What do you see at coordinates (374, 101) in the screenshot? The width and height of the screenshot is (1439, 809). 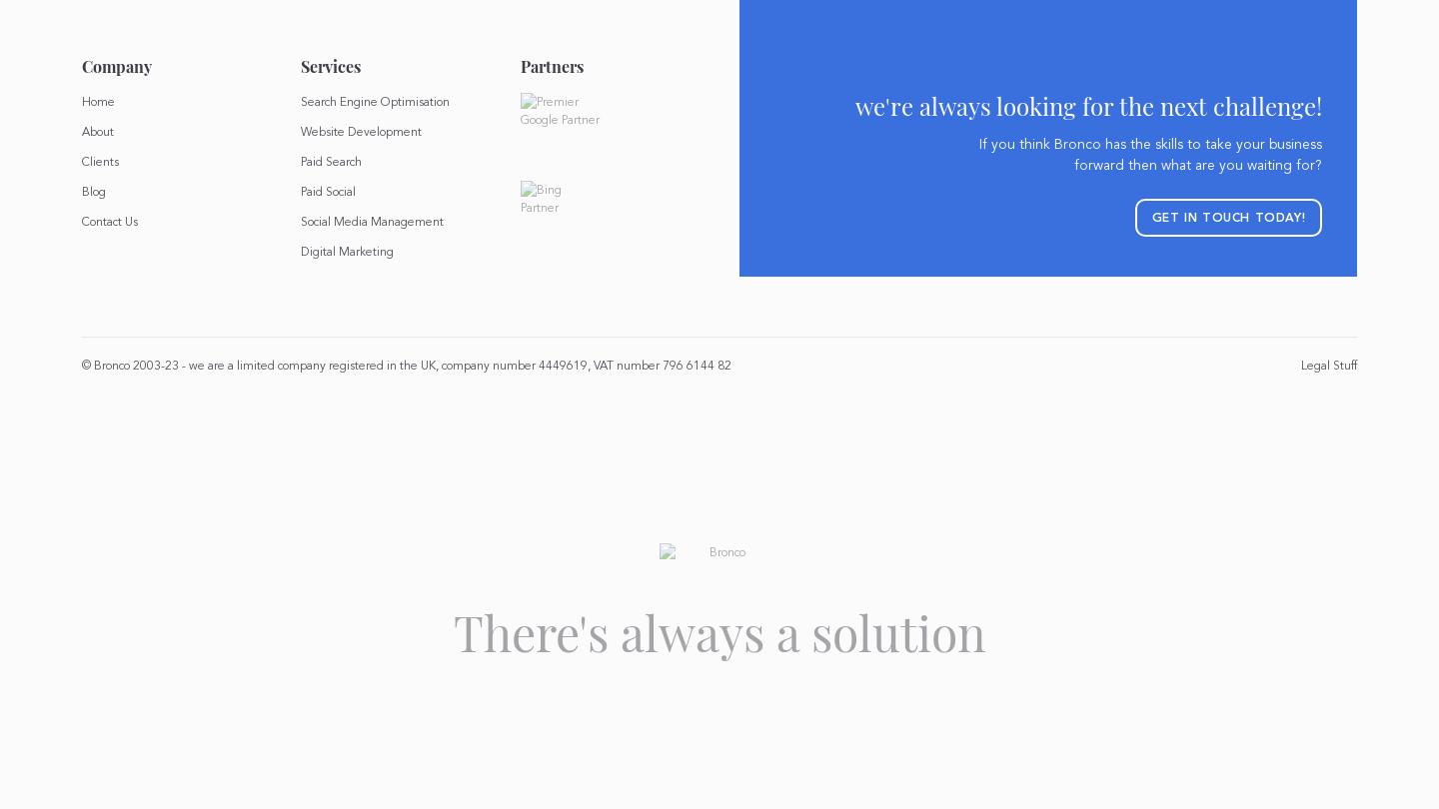 I see `'Search Engine Optimisation'` at bounding box center [374, 101].